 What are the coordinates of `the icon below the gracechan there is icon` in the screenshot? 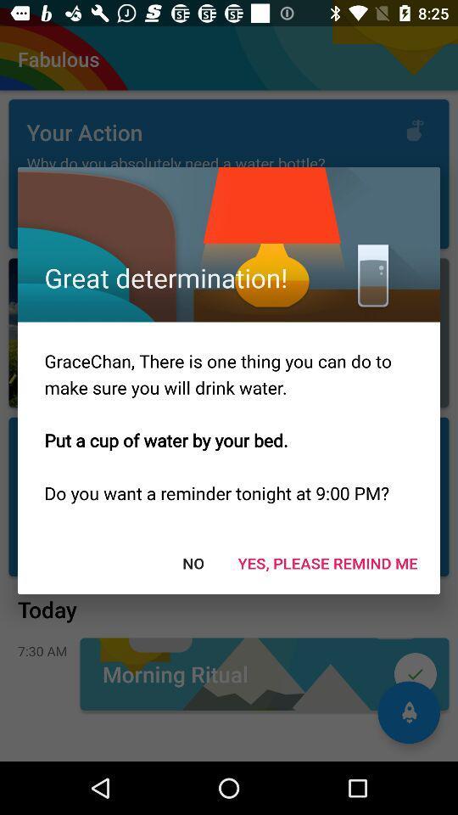 It's located at (327, 563).